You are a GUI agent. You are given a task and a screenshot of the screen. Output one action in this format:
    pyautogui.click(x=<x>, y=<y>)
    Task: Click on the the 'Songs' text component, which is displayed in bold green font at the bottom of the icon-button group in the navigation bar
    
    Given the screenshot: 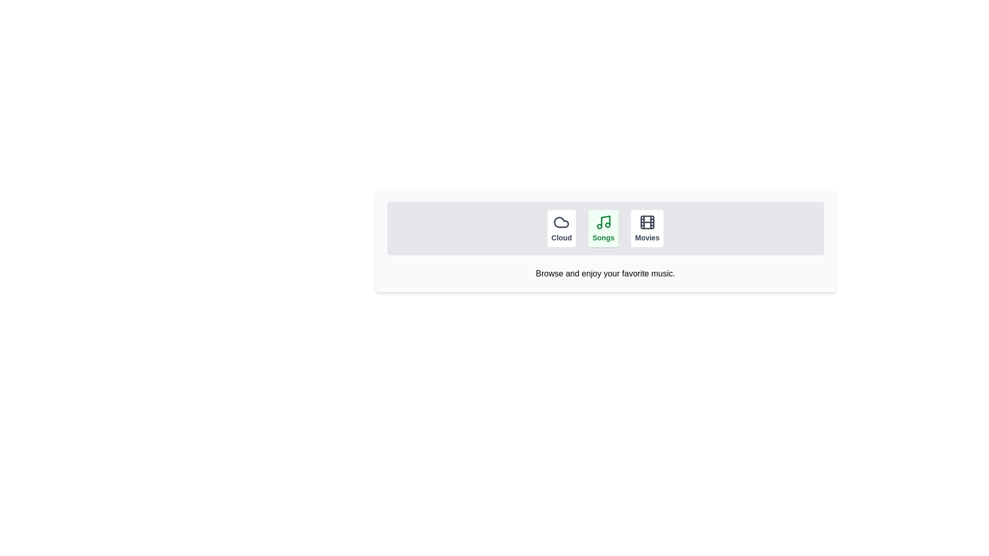 What is the action you would take?
    pyautogui.click(x=603, y=238)
    